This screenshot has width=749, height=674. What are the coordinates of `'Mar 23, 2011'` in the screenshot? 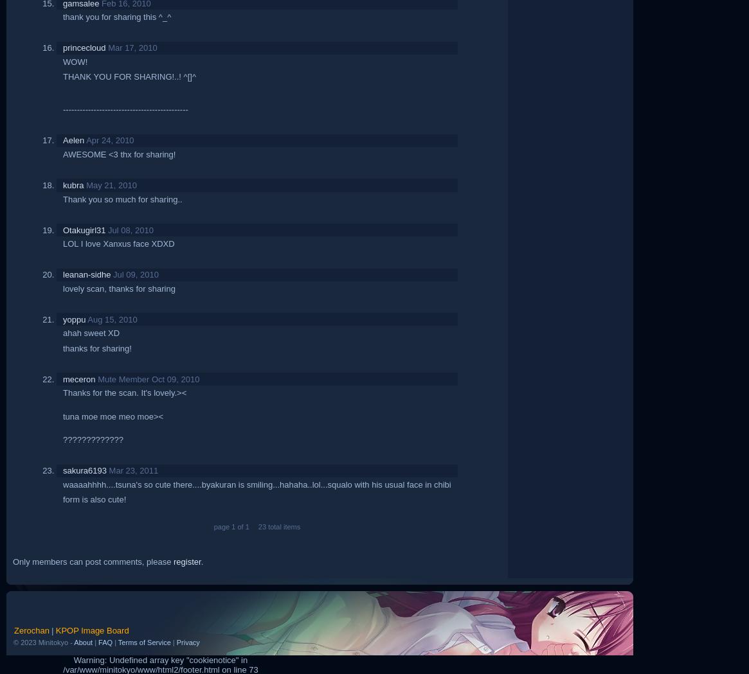 It's located at (108, 470).